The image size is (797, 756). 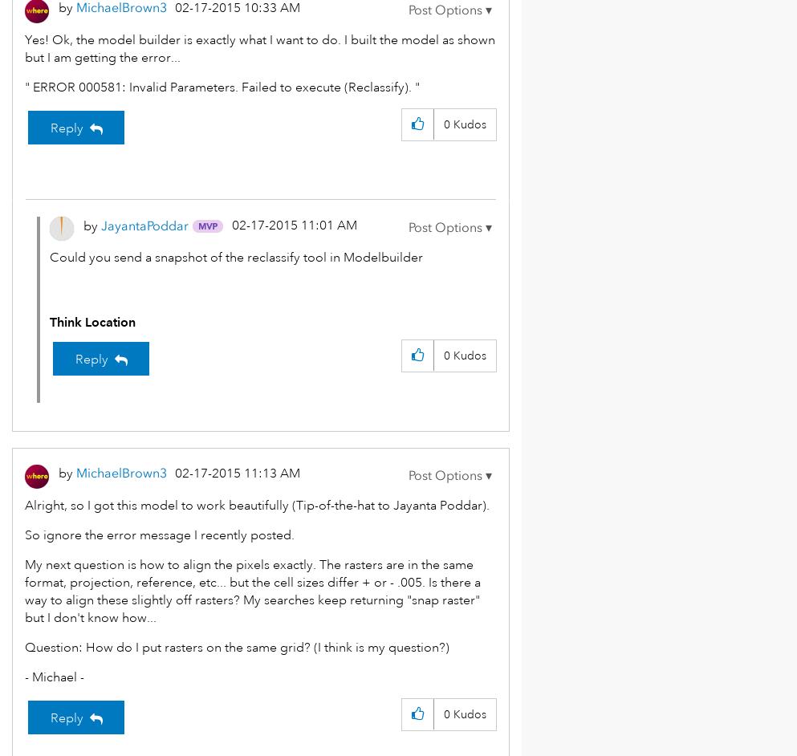 What do you see at coordinates (91, 322) in the screenshot?
I see `'Think Location'` at bounding box center [91, 322].